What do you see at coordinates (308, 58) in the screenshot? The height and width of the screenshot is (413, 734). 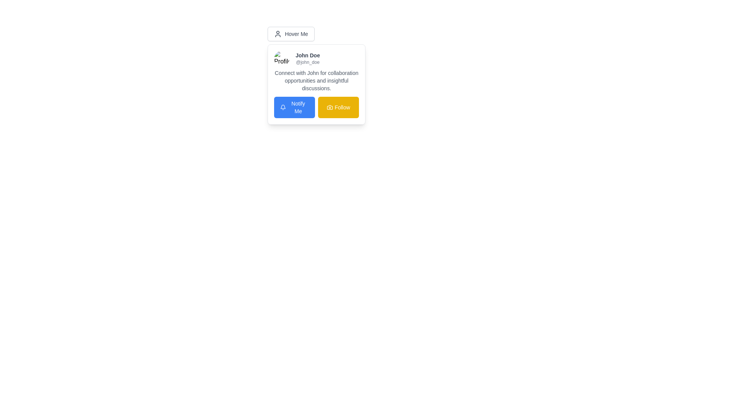 I see `the text block displaying 'John Doe' with the handle '@john_doe'` at bounding box center [308, 58].